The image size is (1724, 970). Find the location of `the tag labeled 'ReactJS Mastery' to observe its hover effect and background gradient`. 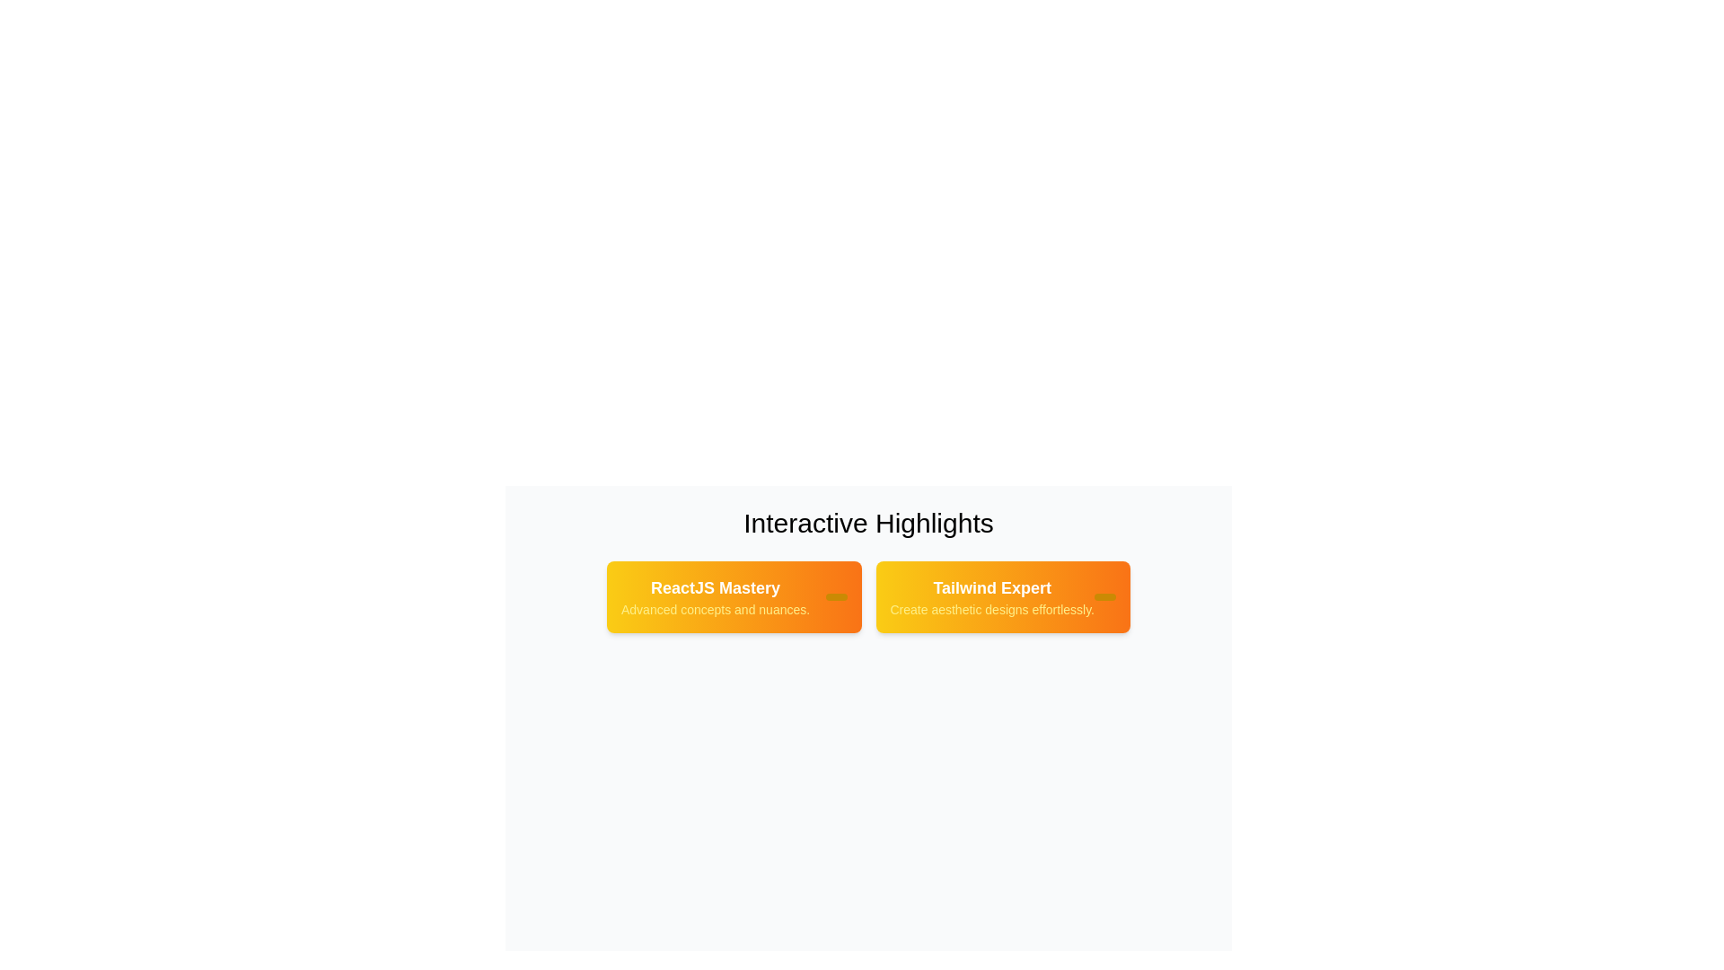

the tag labeled 'ReactJS Mastery' to observe its hover effect and background gradient is located at coordinates (734, 596).